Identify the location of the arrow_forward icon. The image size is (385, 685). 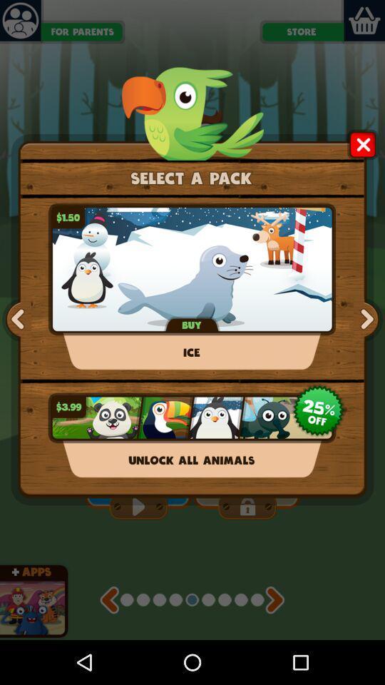
(365, 342).